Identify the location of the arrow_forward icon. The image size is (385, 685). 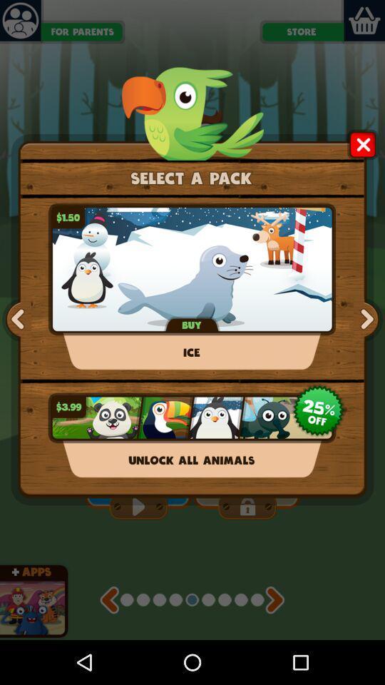
(365, 342).